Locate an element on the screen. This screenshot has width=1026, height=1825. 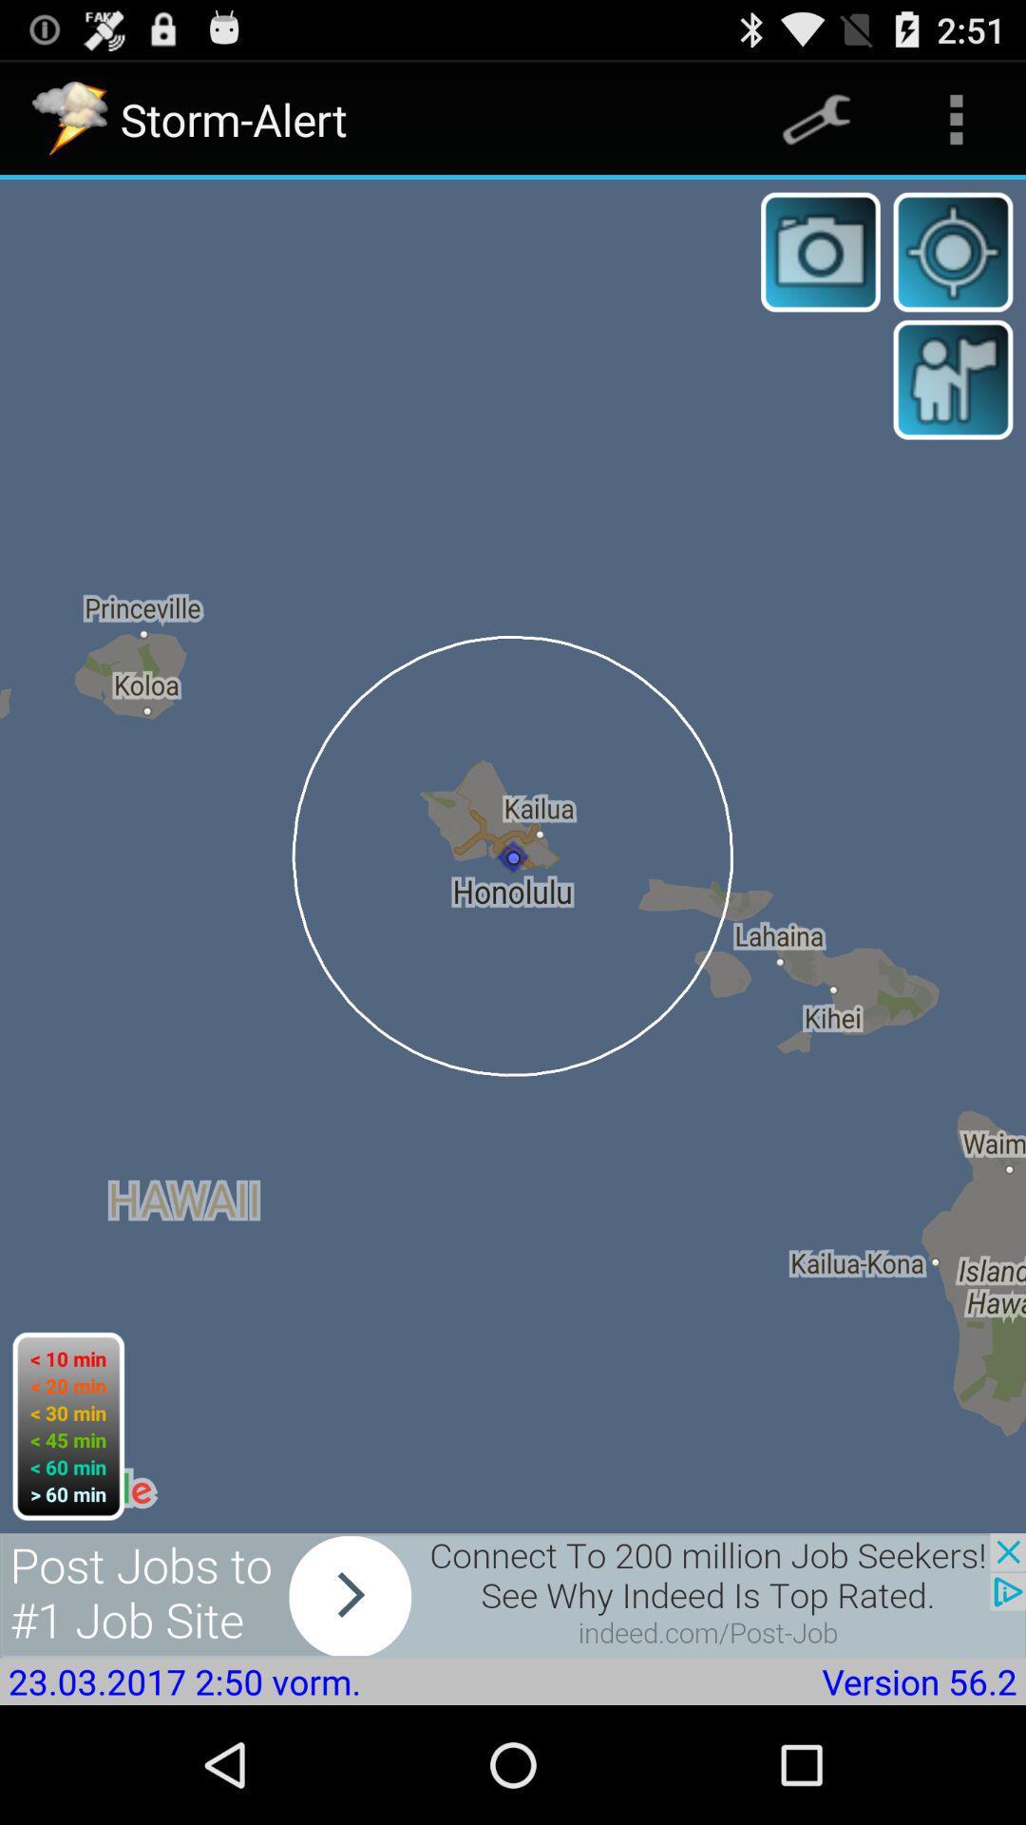
the photo icon is located at coordinates (820, 269).